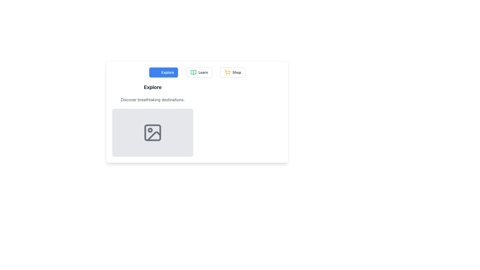 This screenshot has height=270, width=480. What do you see at coordinates (203, 72) in the screenshot?
I see `the 'Learn' navigation button, which is a small-sized bold gray text on a white rounded button, located in the top section of the interface` at bounding box center [203, 72].